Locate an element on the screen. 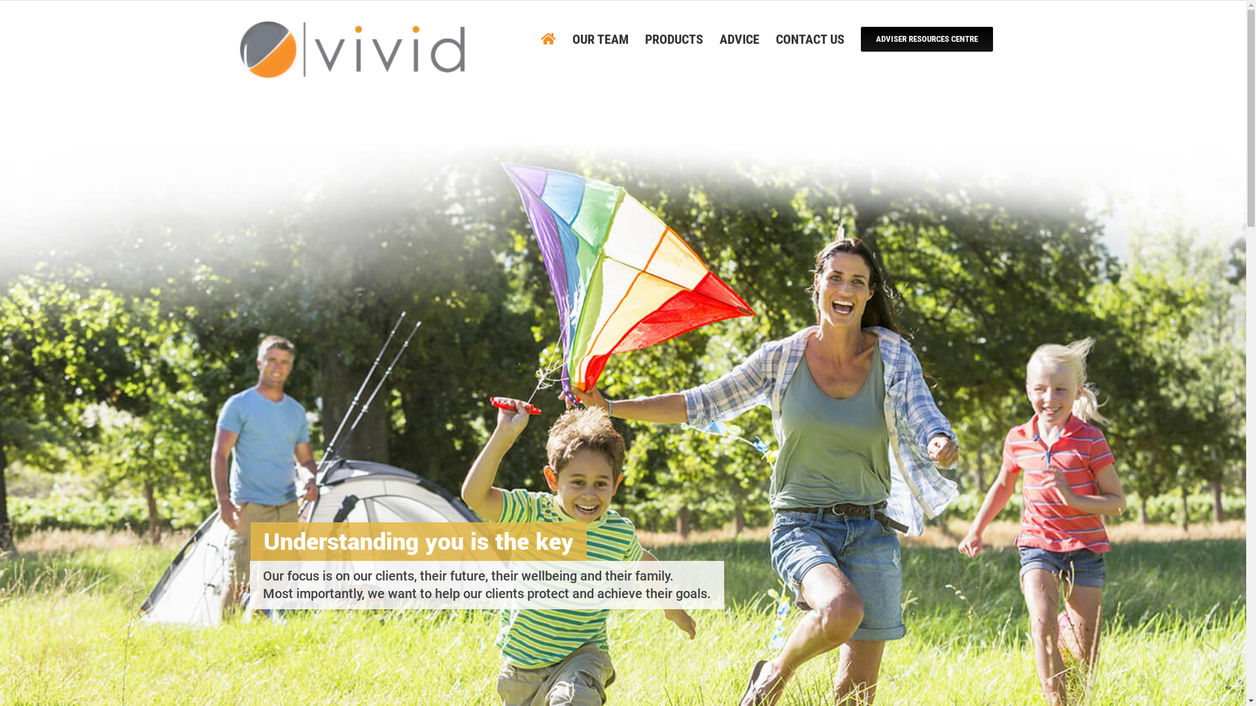 This screenshot has height=706, width=1256. 'ADVICE' is located at coordinates (739, 39).